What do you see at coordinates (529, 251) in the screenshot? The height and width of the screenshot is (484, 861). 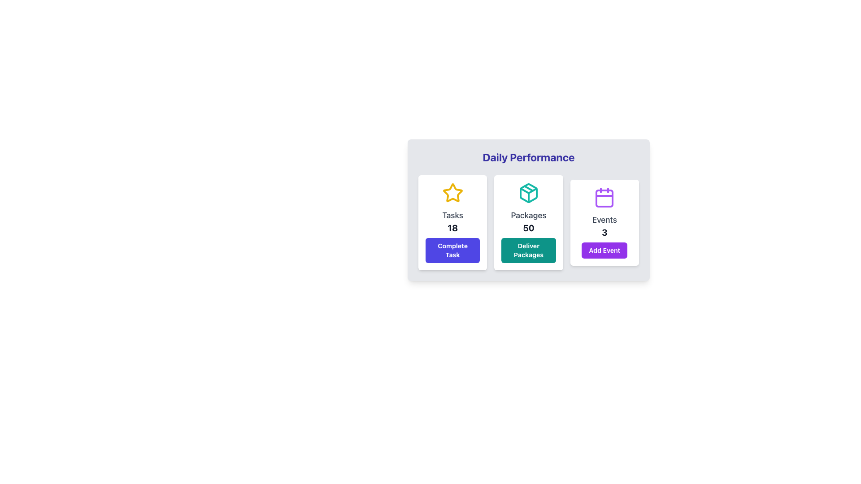 I see `the teal rectangular button with rounded corners that contains the text 'Deliver Packages'` at bounding box center [529, 251].